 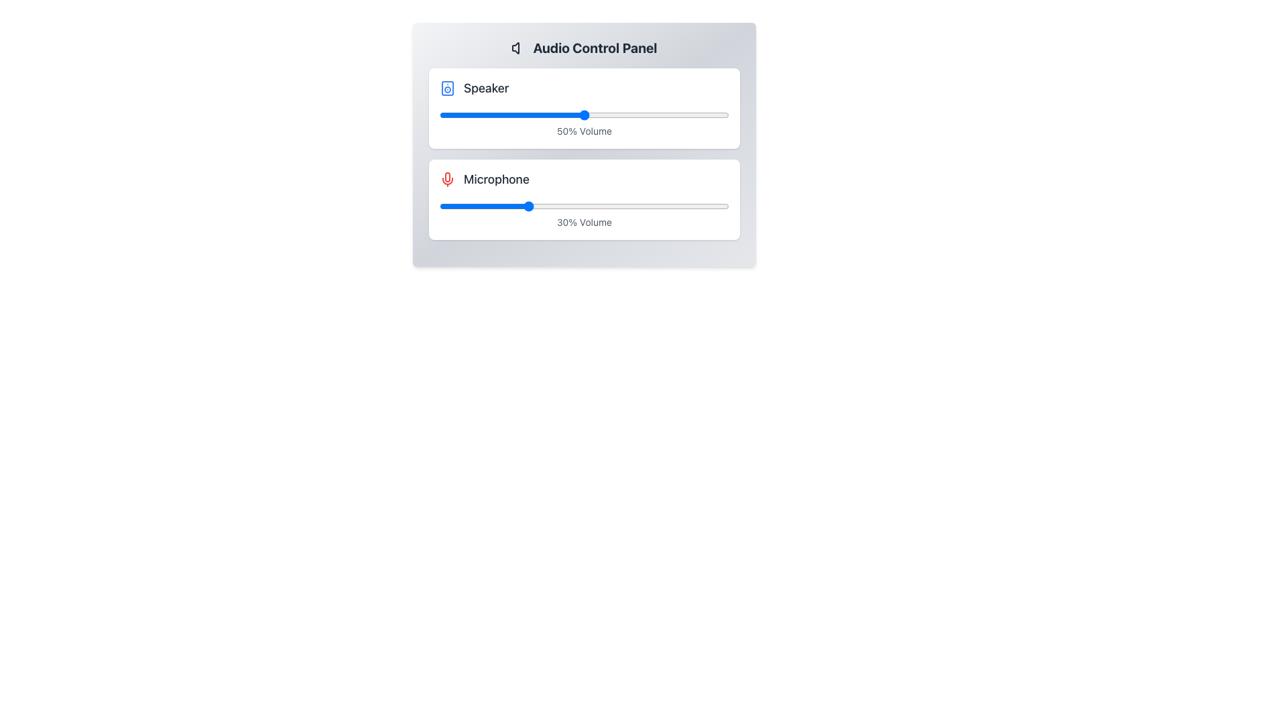 What do you see at coordinates (688, 115) in the screenshot?
I see `the speaker volume` at bounding box center [688, 115].